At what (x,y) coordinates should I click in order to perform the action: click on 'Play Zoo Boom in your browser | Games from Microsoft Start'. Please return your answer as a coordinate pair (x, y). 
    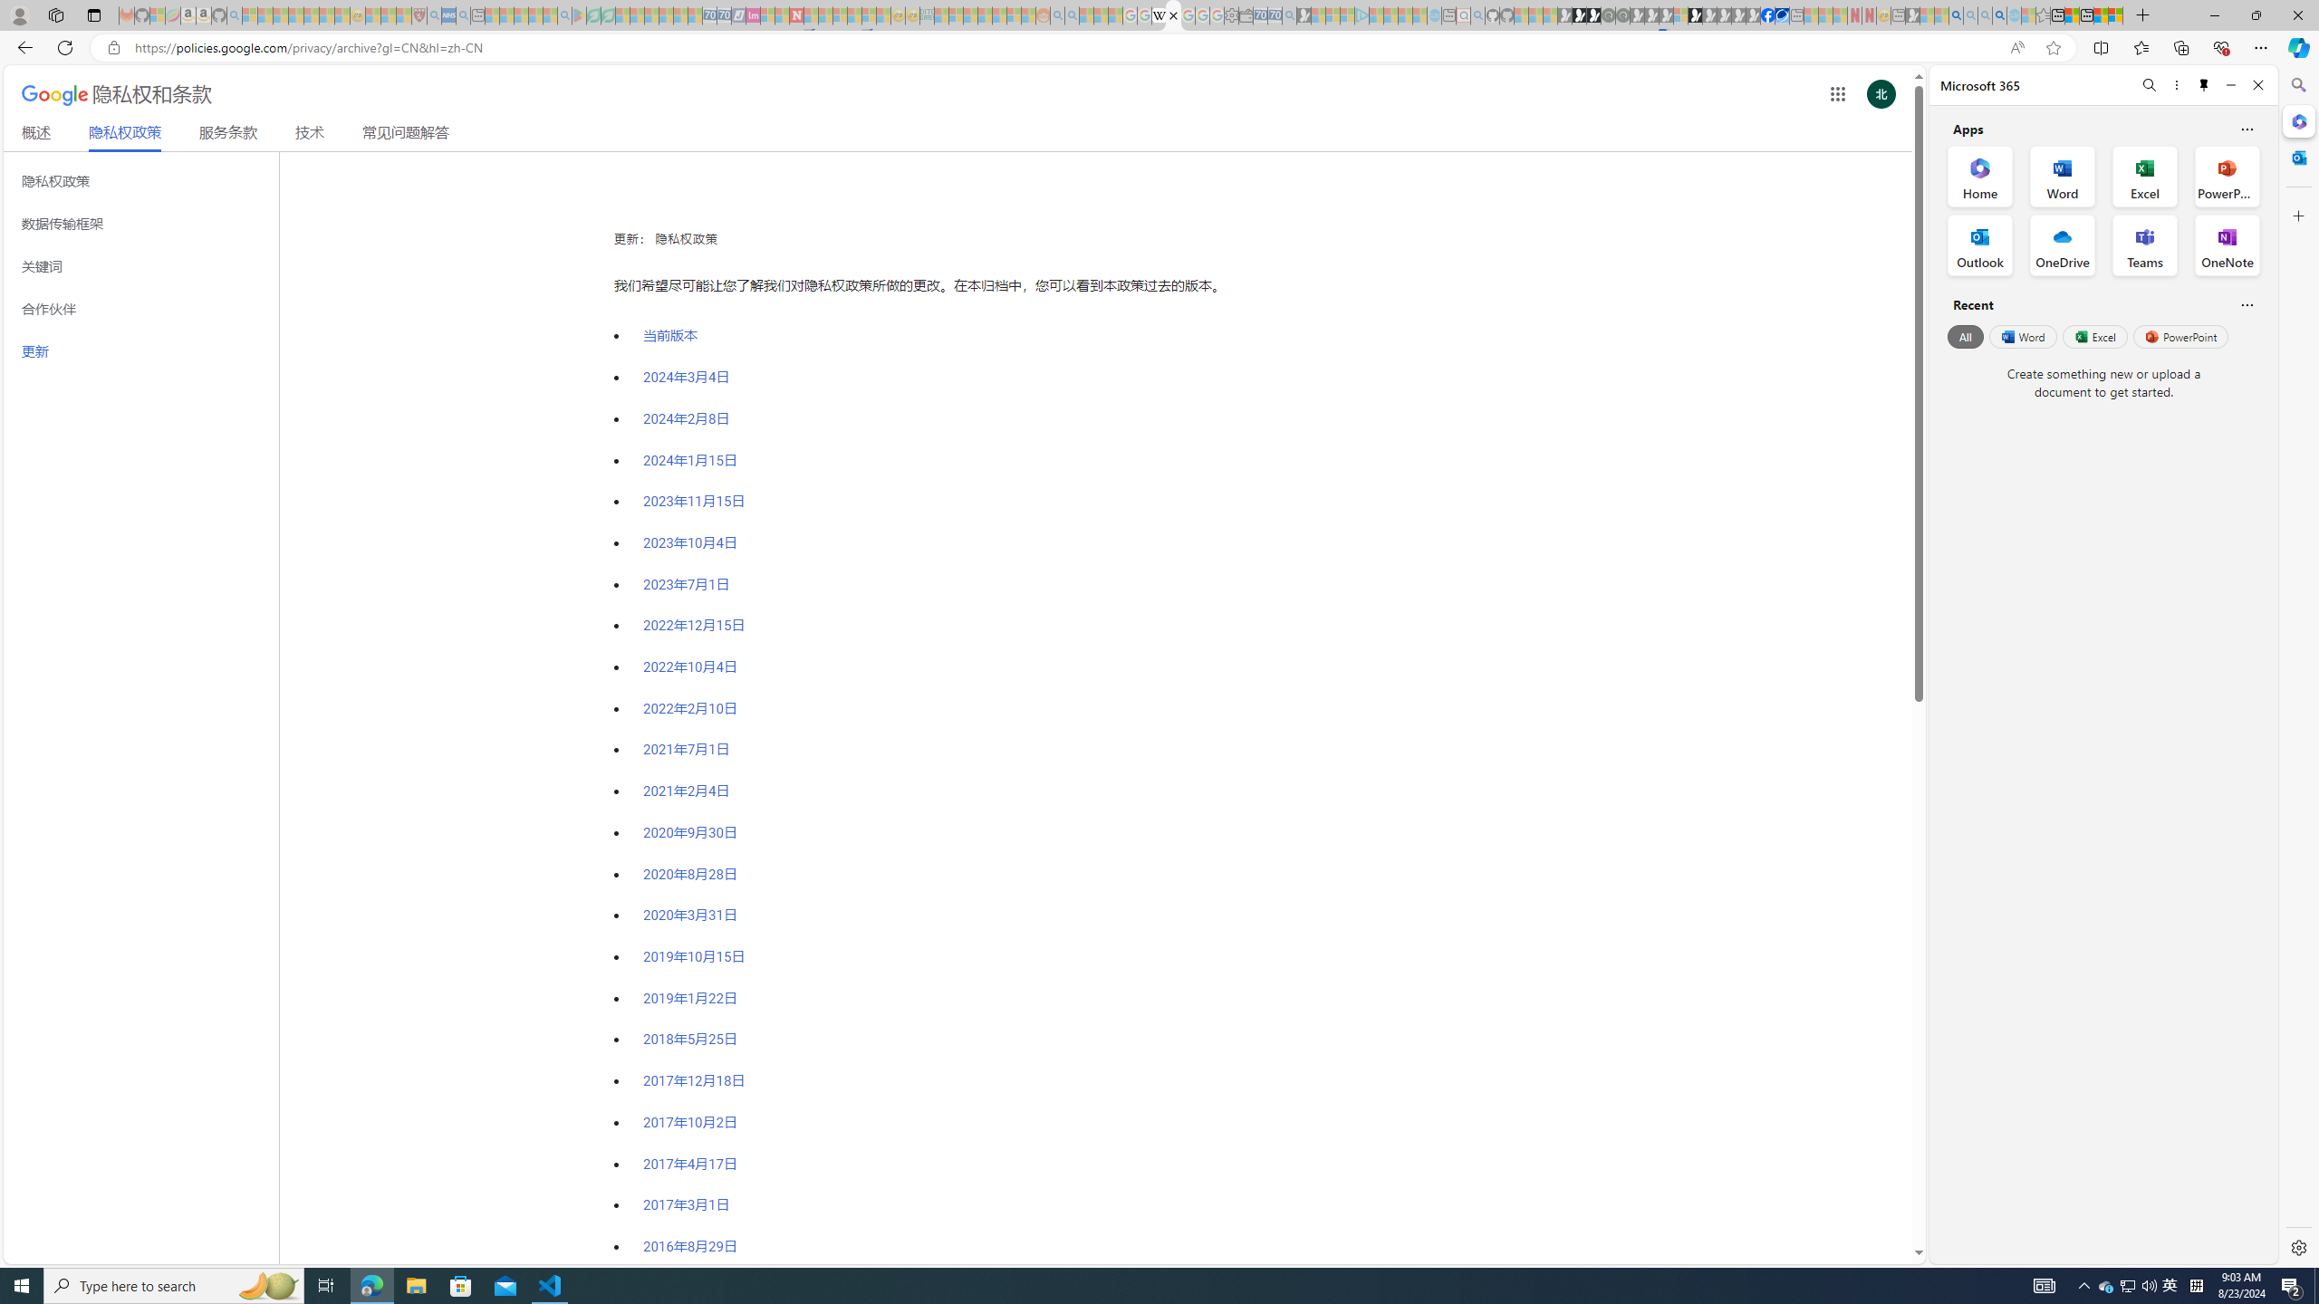
    Looking at the image, I should click on (1580, 14).